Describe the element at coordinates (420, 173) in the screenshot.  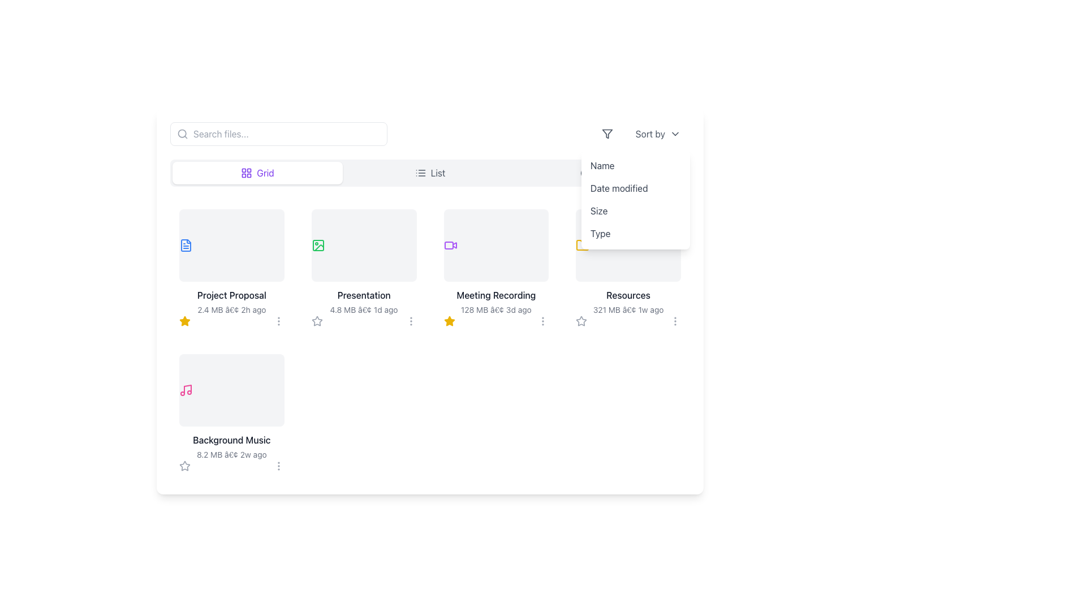
I see `the 'List' icon, which is a compact icon of three horizontal lines with a white background and gray strokes, located` at that location.